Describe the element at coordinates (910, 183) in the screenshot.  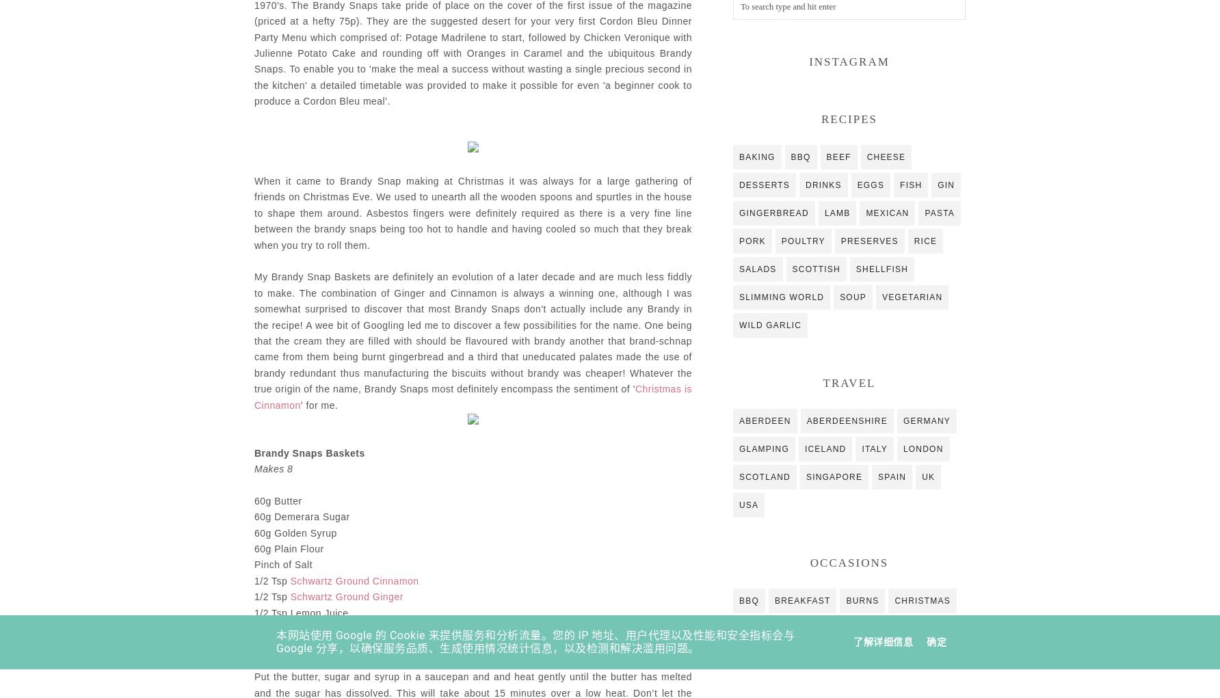
I see `'fish'` at that location.